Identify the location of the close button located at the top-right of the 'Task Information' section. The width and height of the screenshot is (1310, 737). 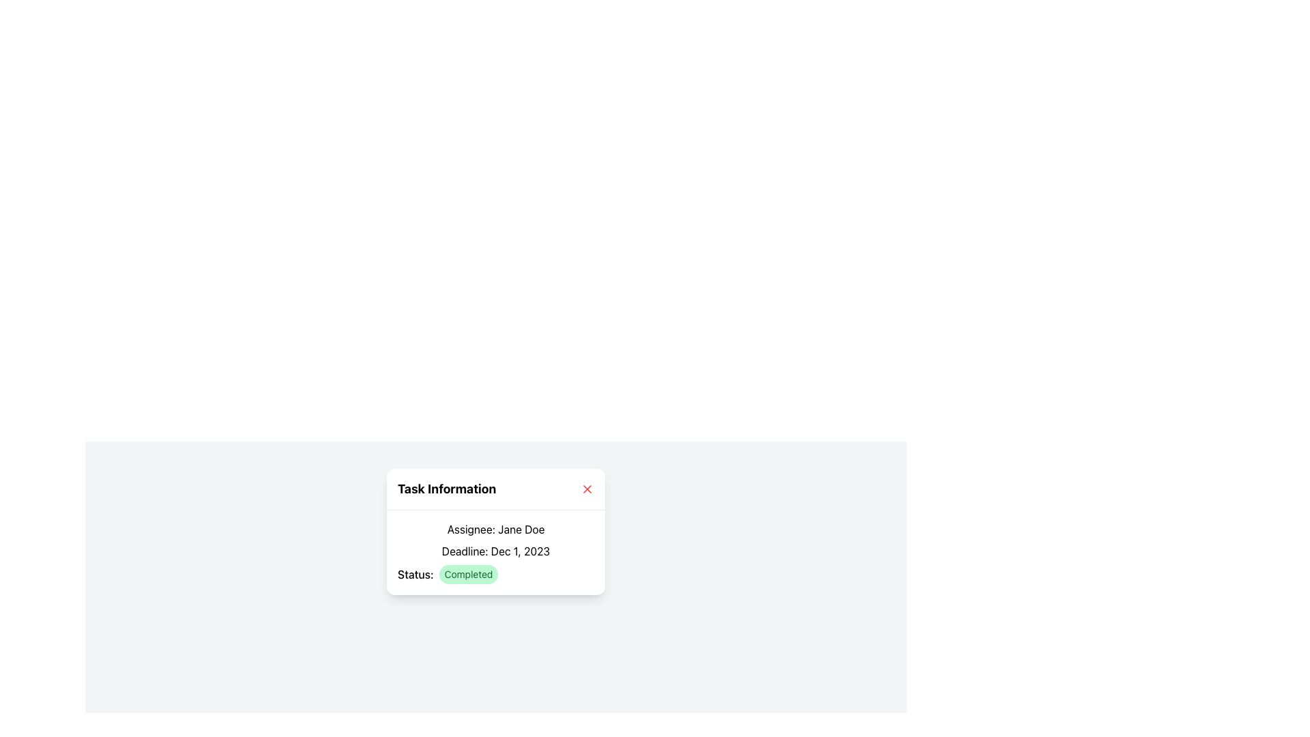
(587, 489).